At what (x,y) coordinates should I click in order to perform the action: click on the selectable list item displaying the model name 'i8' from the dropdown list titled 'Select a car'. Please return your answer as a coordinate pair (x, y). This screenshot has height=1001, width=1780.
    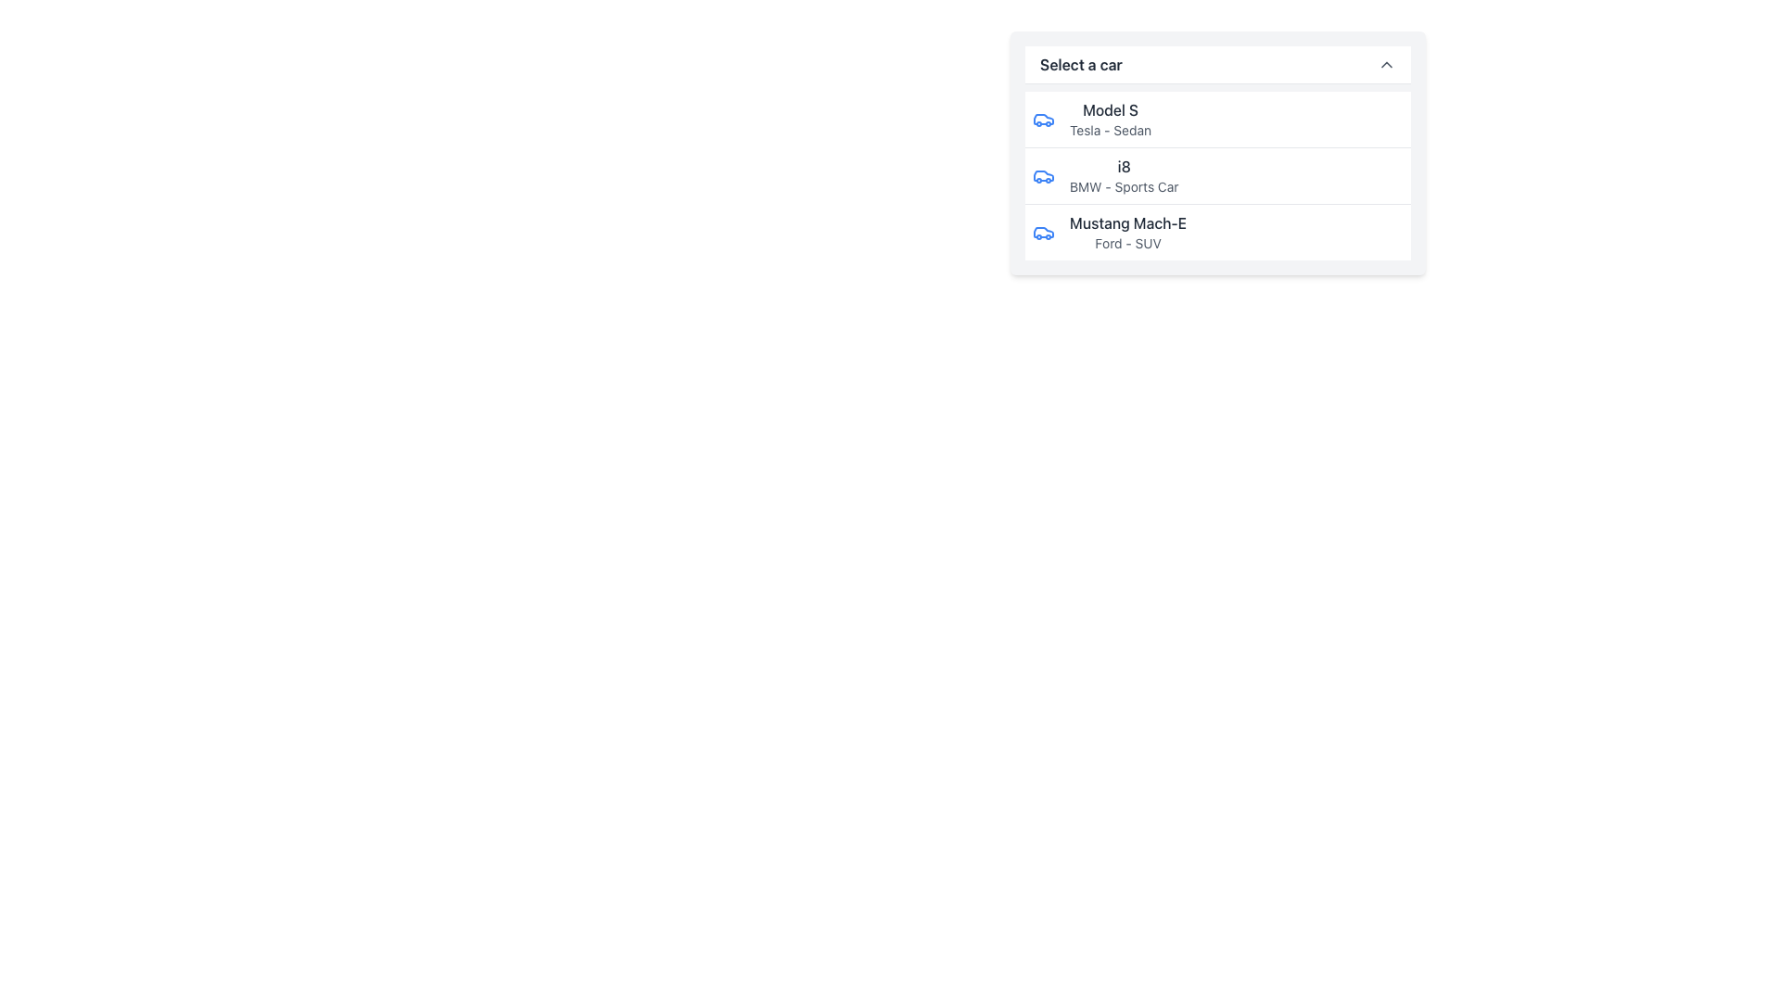
    Looking at the image, I should click on (1218, 175).